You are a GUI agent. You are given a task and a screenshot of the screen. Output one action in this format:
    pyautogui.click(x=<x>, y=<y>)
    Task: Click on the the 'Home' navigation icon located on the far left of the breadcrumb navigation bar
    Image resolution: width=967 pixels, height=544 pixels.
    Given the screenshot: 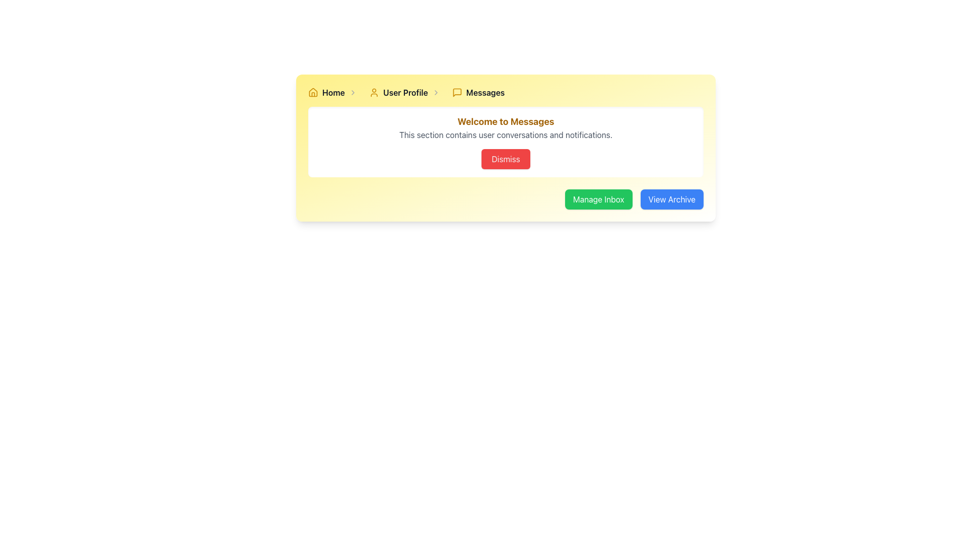 What is the action you would take?
    pyautogui.click(x=313, y=92)
    